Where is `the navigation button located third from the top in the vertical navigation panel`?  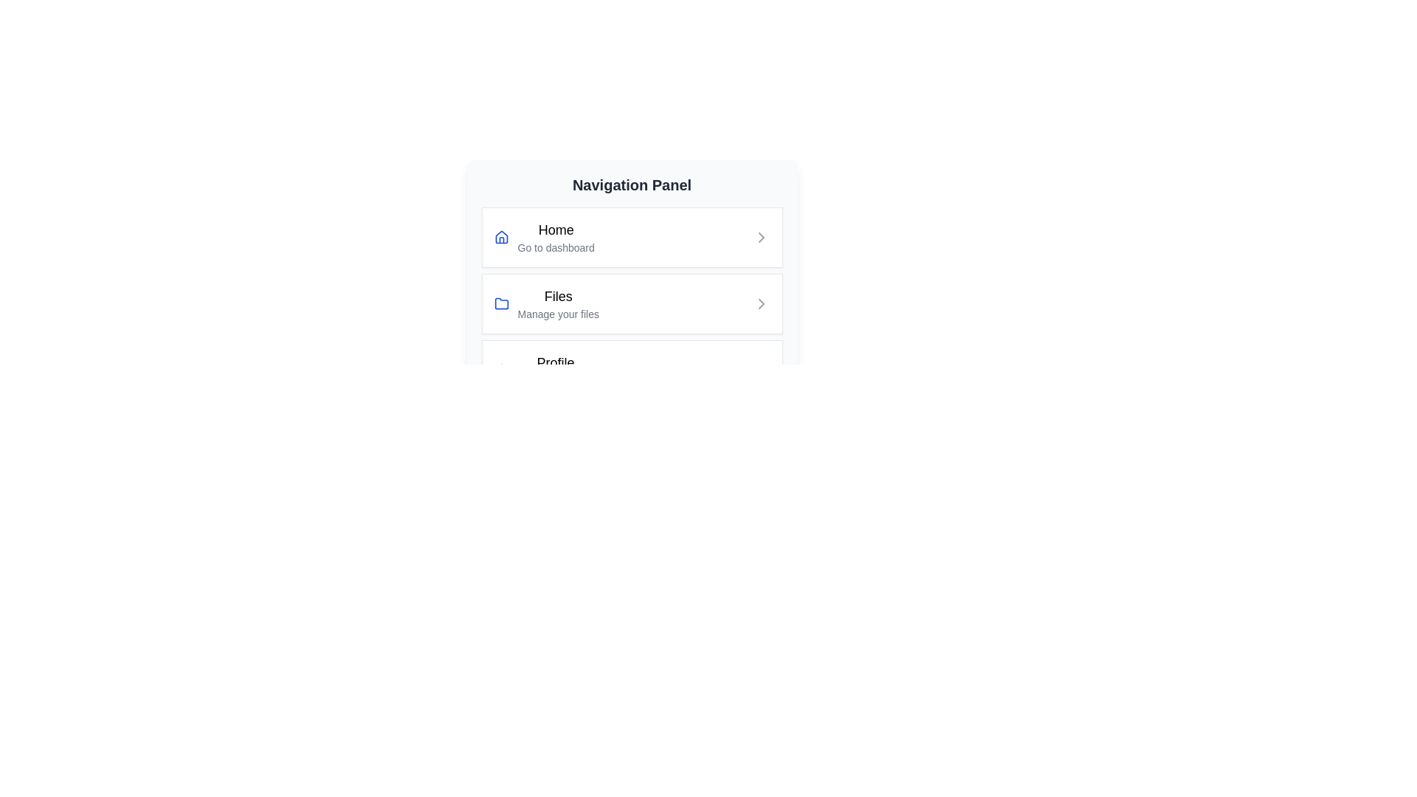
the navigation button located third from the top in the vertical navigation panel is located at coordinates (632, 369).